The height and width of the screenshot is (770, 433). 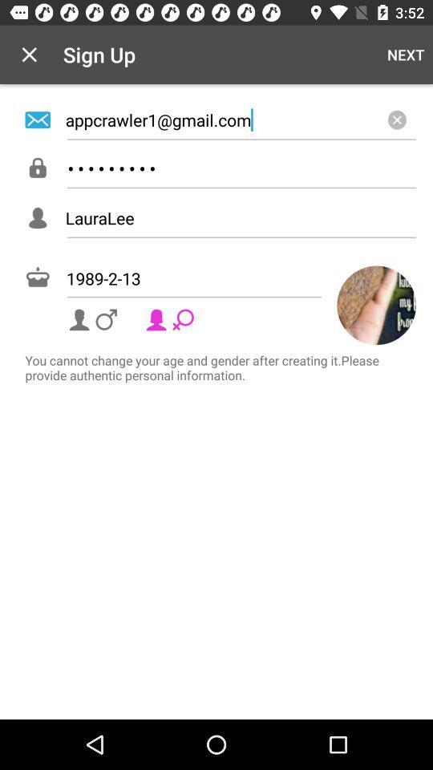 I want to click on lauralee icon, so click(x=240, y=217).